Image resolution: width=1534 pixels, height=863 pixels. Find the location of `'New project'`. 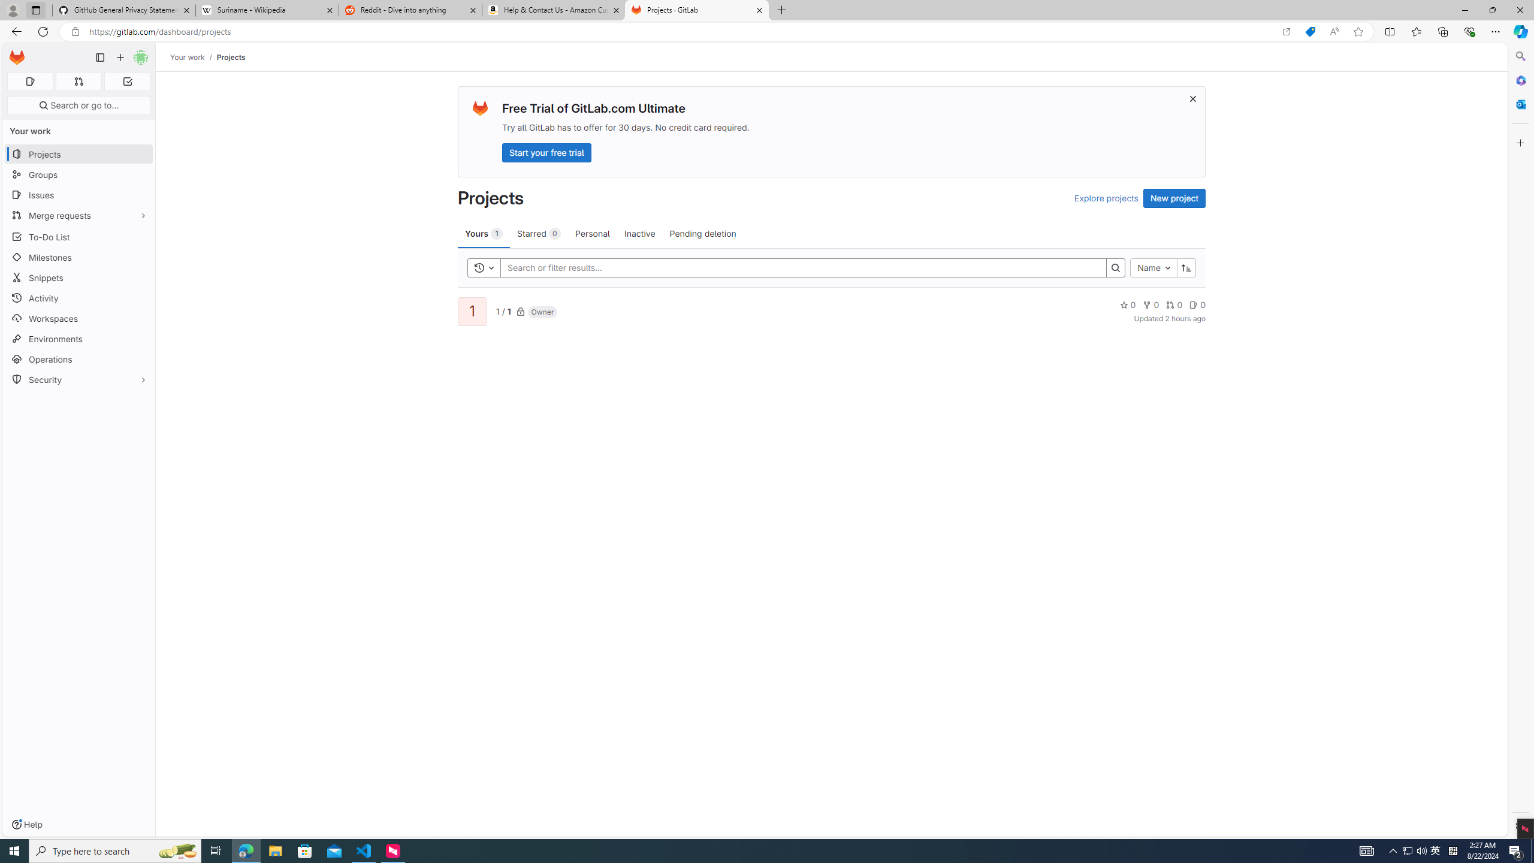

'New project' is located at coordinates (1173, 197).